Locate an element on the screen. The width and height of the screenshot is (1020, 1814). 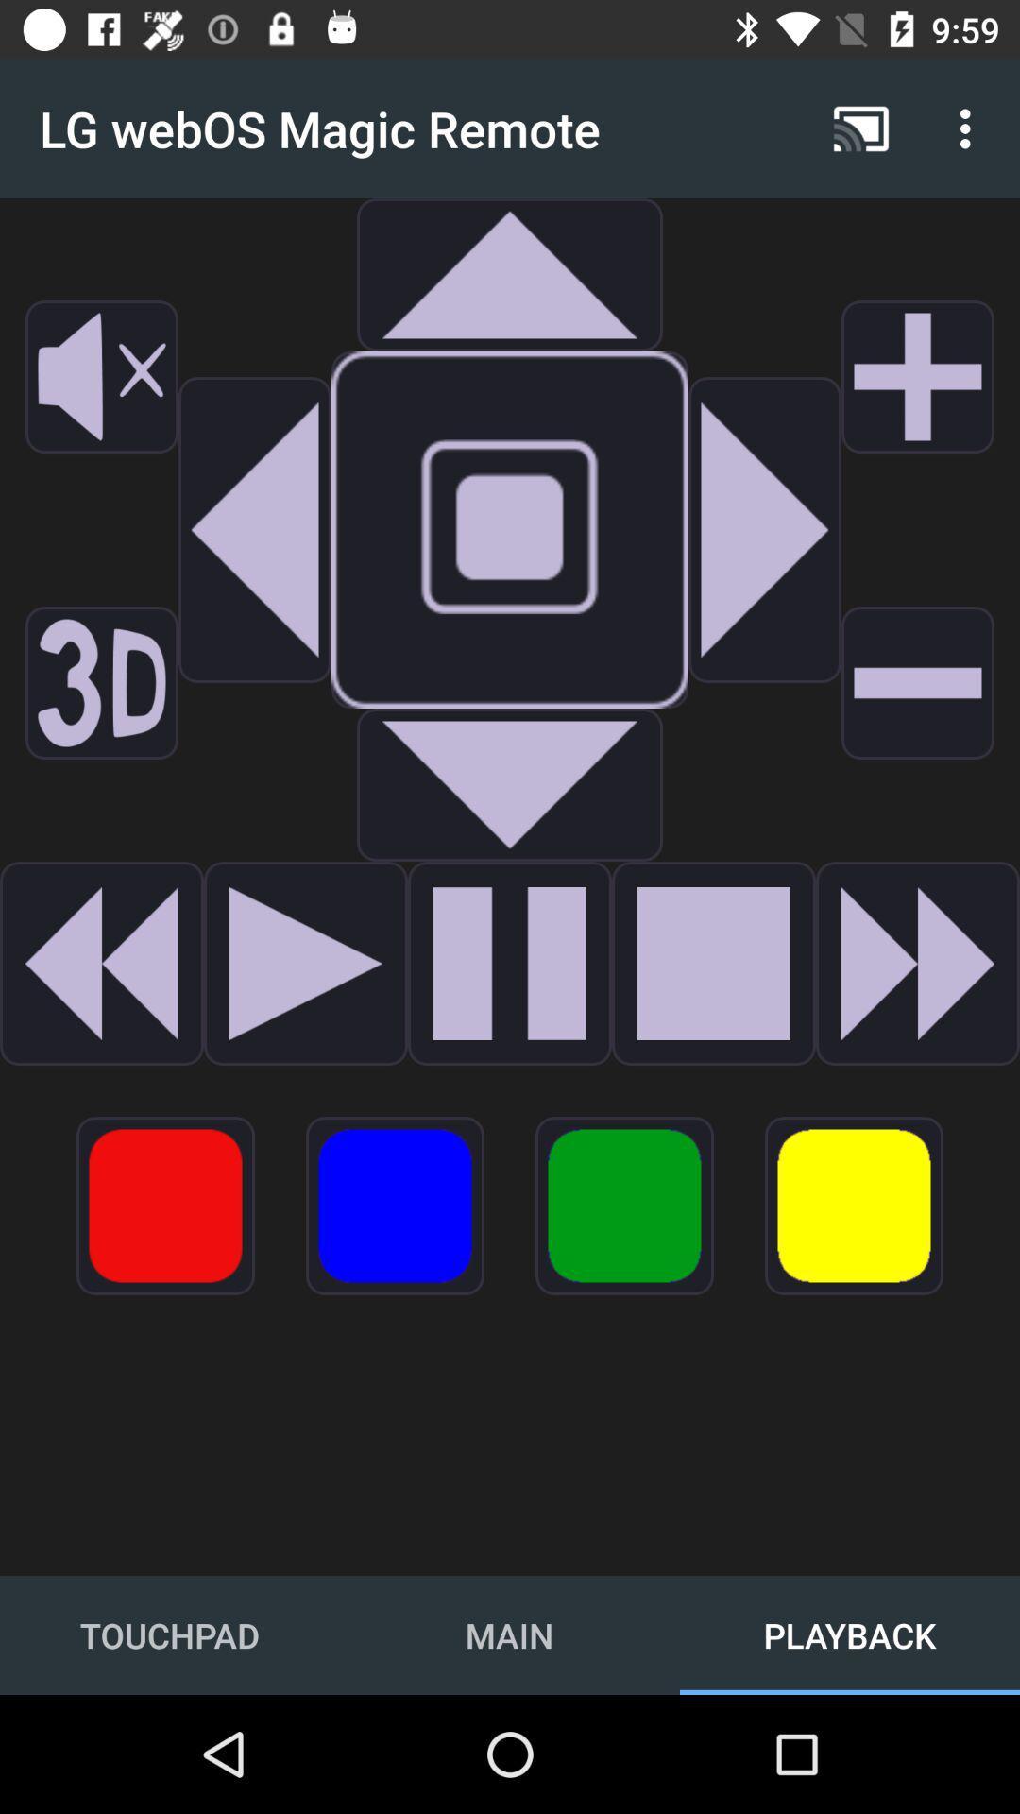
to paly option is located at coordinates (510, 963).